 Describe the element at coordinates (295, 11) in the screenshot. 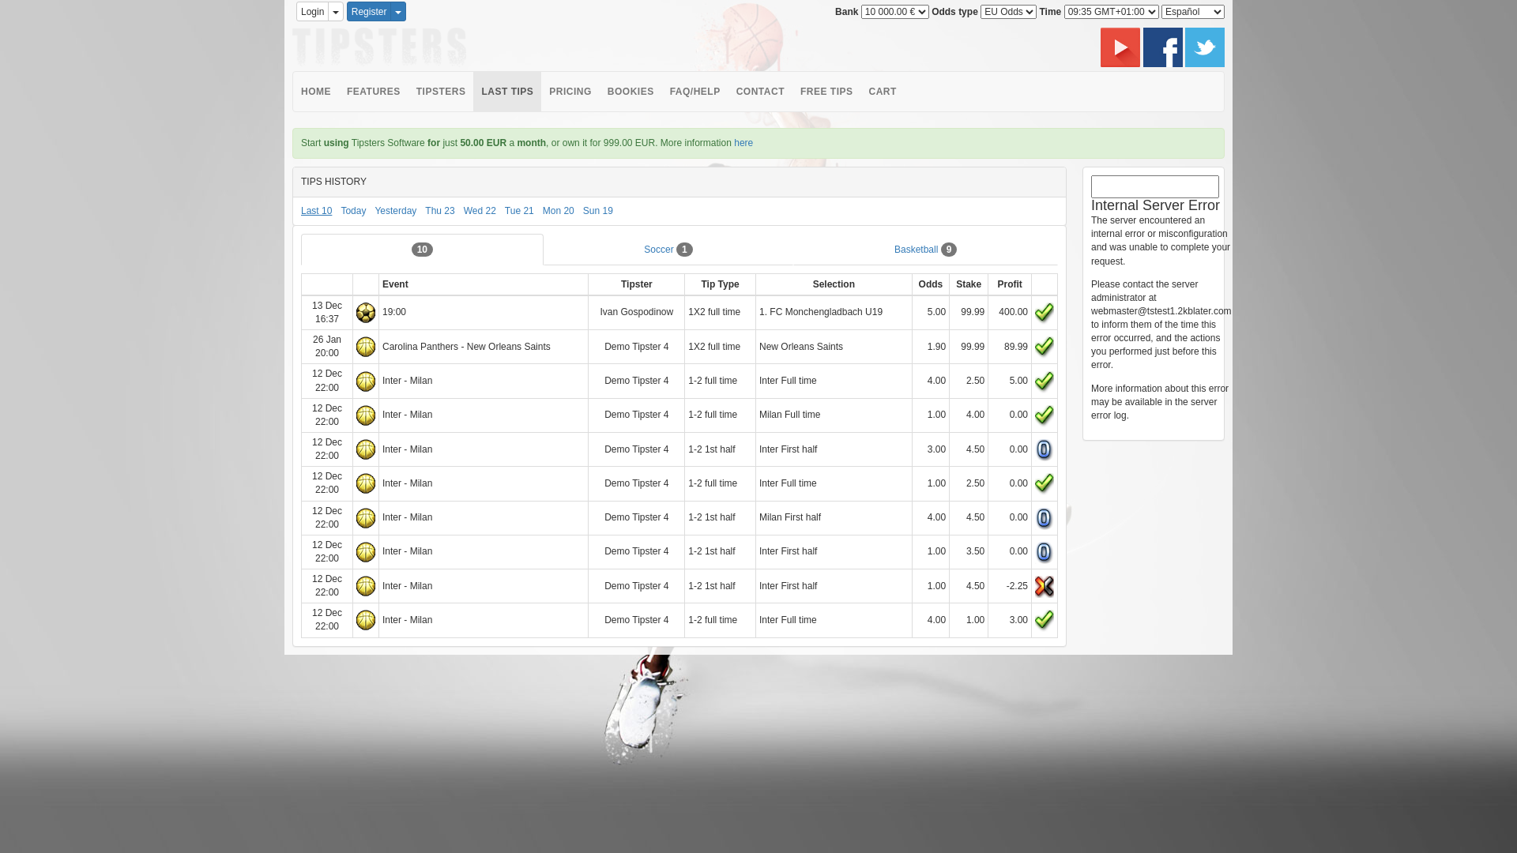

I see `'Login'` at that location.